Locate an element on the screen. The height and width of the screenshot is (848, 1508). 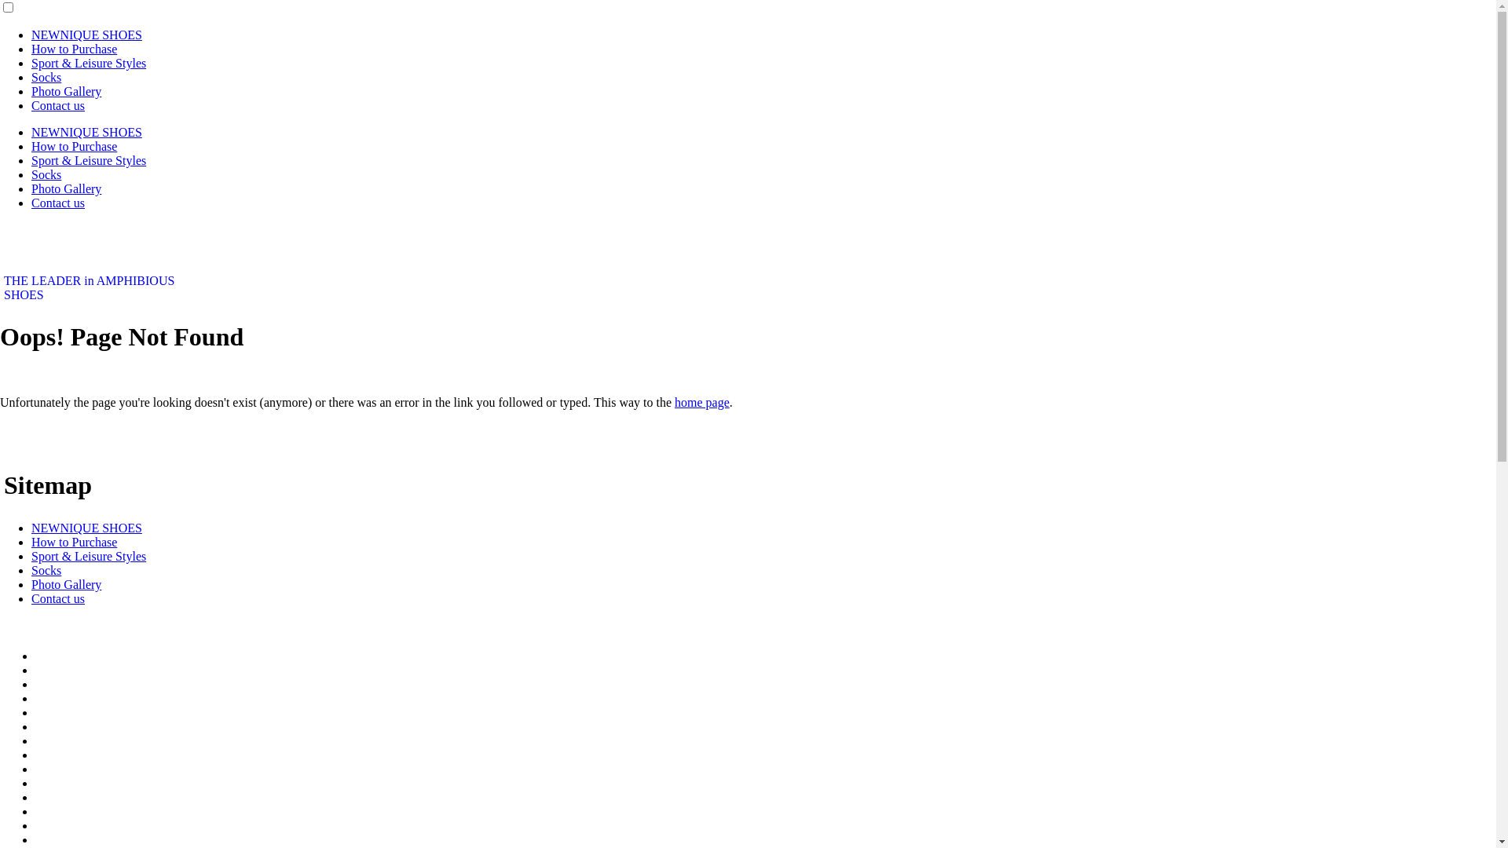
'Sport & Leisure Styles' is located at coordinates (88, 555).